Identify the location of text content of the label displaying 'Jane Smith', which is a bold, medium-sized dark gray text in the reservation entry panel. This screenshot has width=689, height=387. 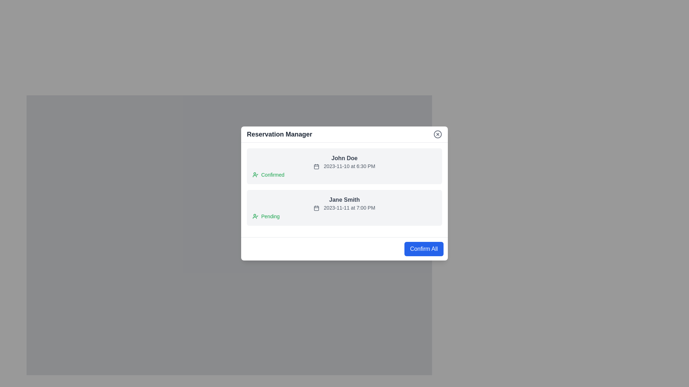
(344, 200).